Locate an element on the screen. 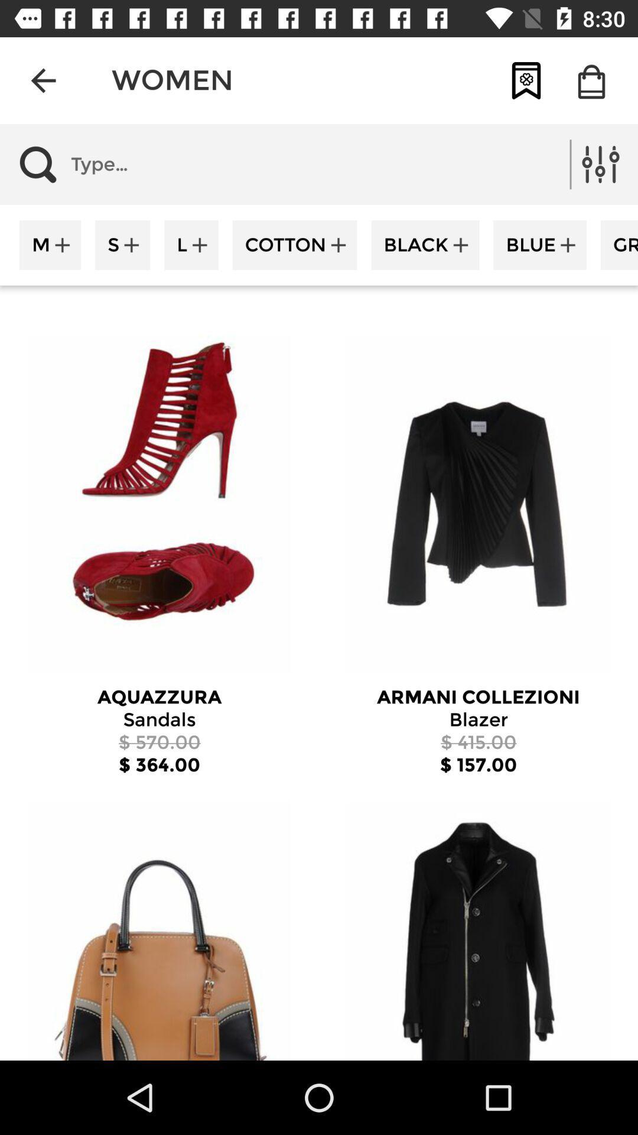  m item is located at coordinates (50, 244).